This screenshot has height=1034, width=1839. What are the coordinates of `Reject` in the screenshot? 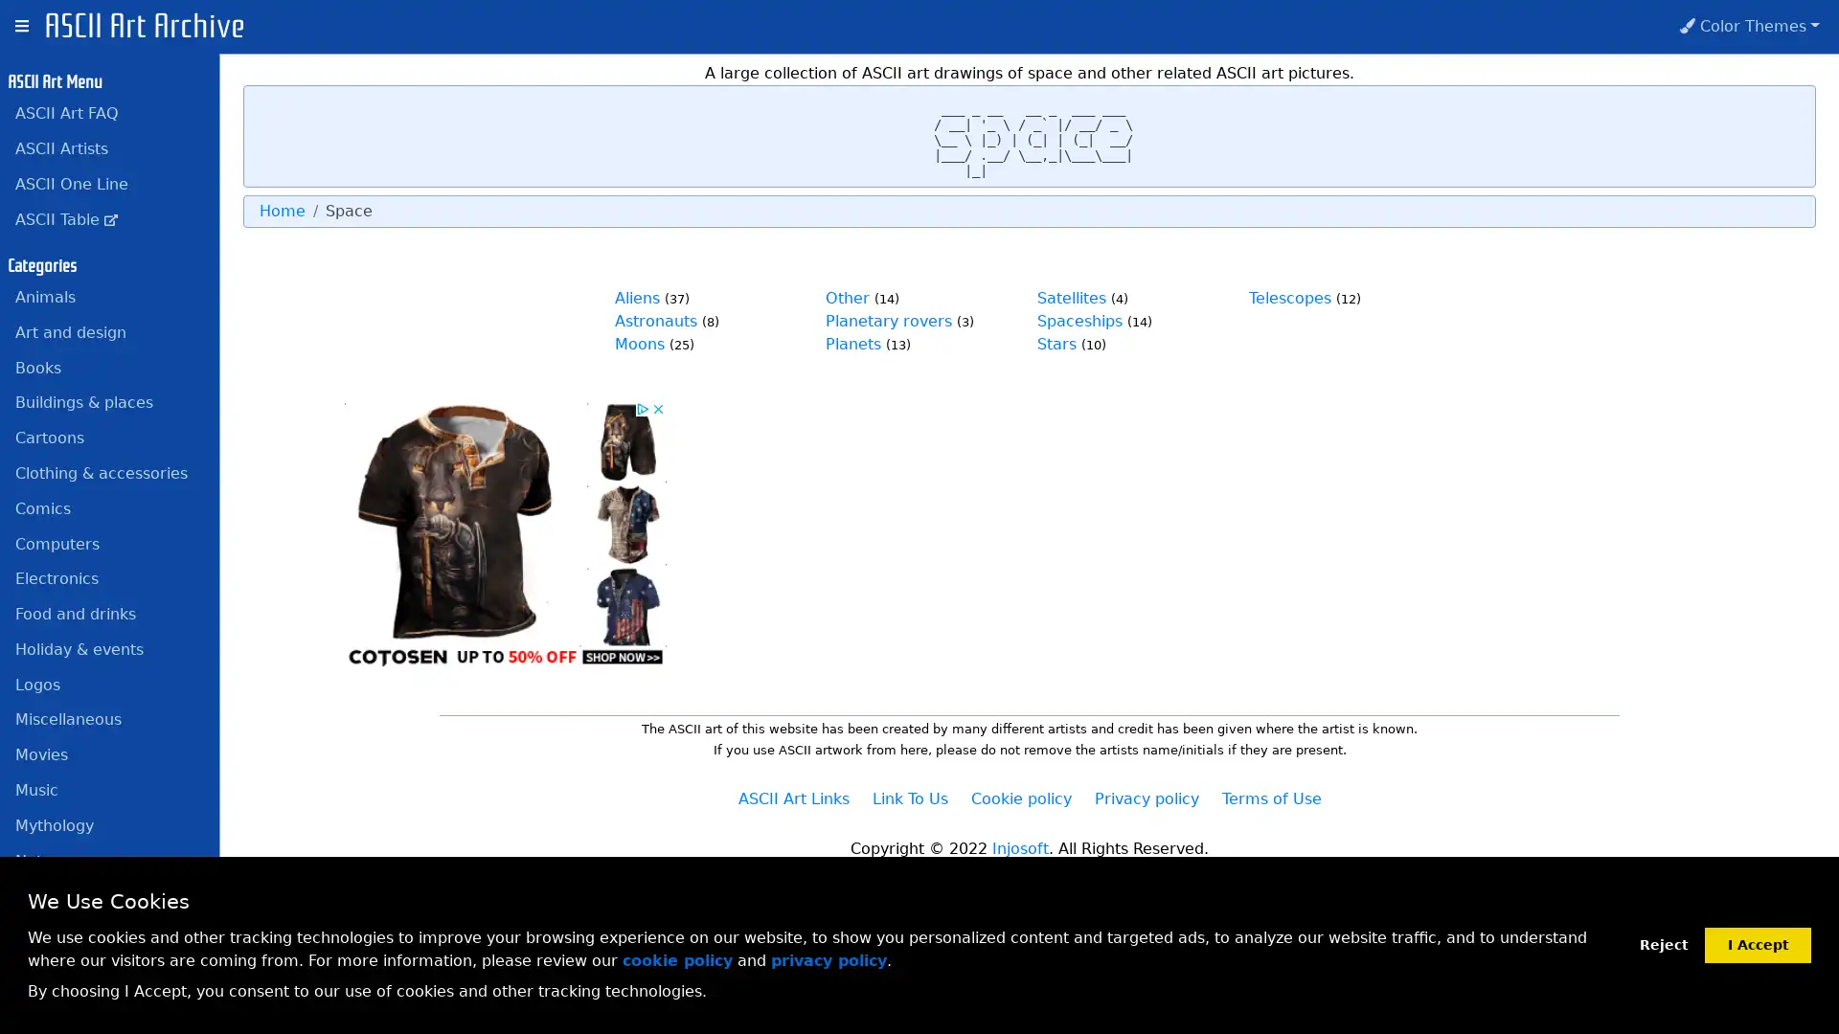 It's located at (1663, 944).